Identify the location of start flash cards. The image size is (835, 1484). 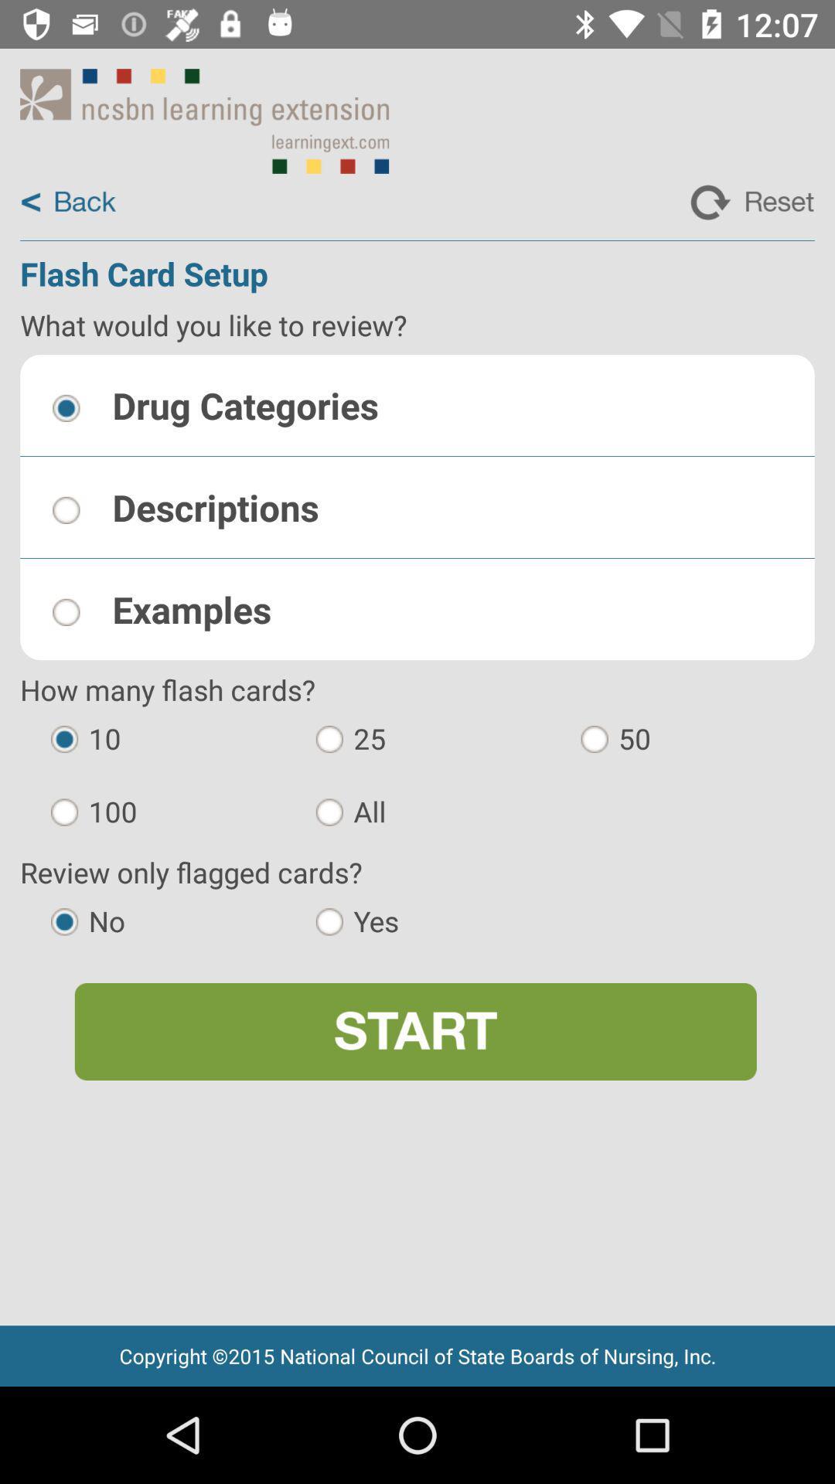
(414, 1031).